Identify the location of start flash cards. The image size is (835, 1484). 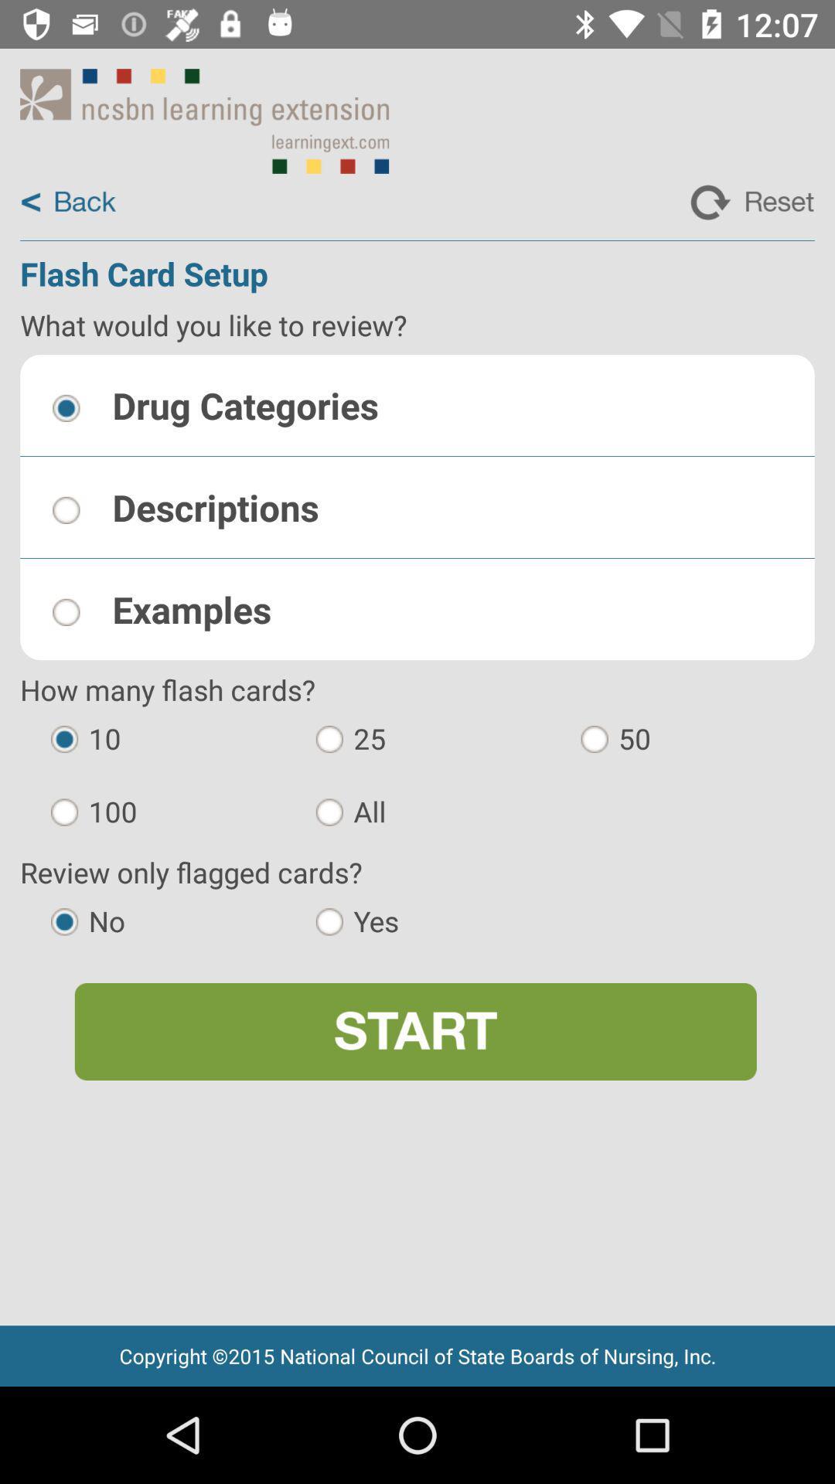
(414, 1031).